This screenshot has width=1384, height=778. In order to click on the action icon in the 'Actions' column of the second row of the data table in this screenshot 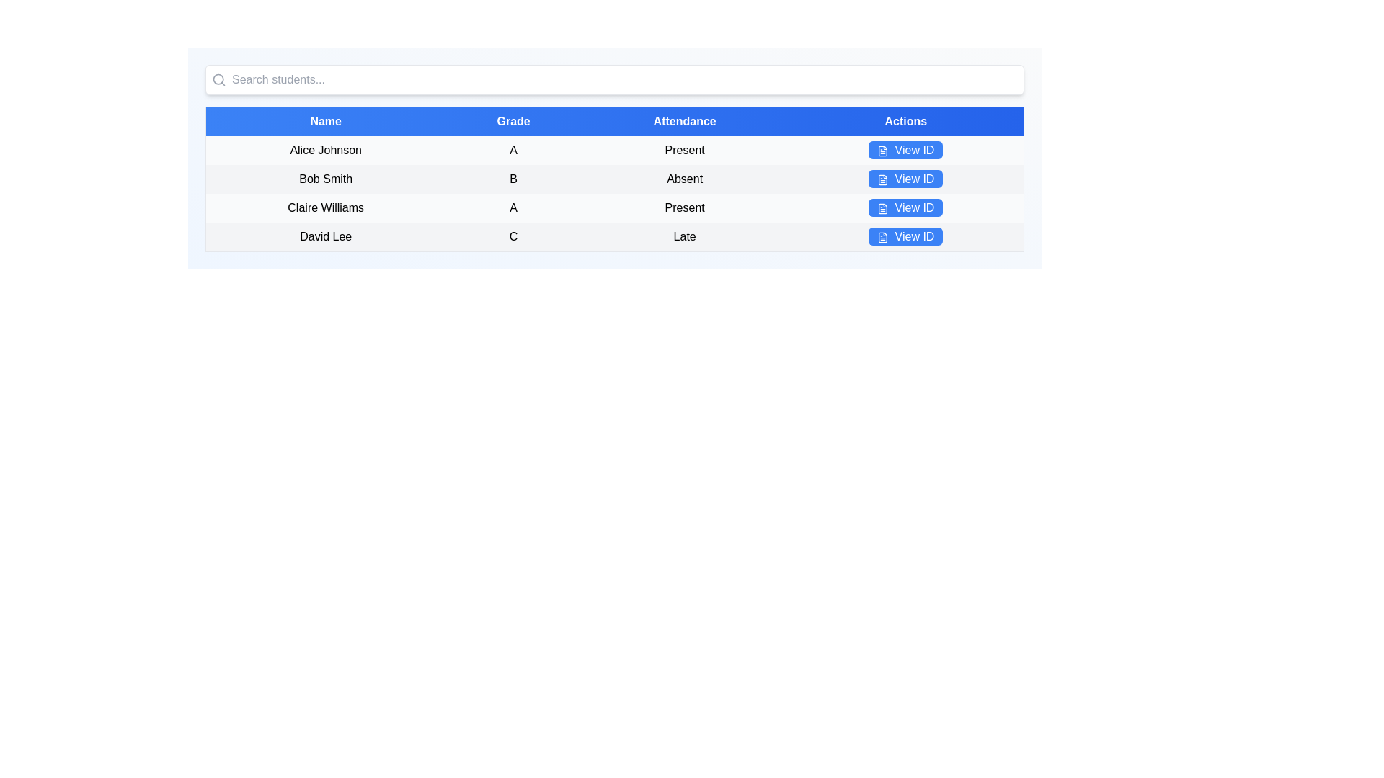, I will do `click(882, 179)`.